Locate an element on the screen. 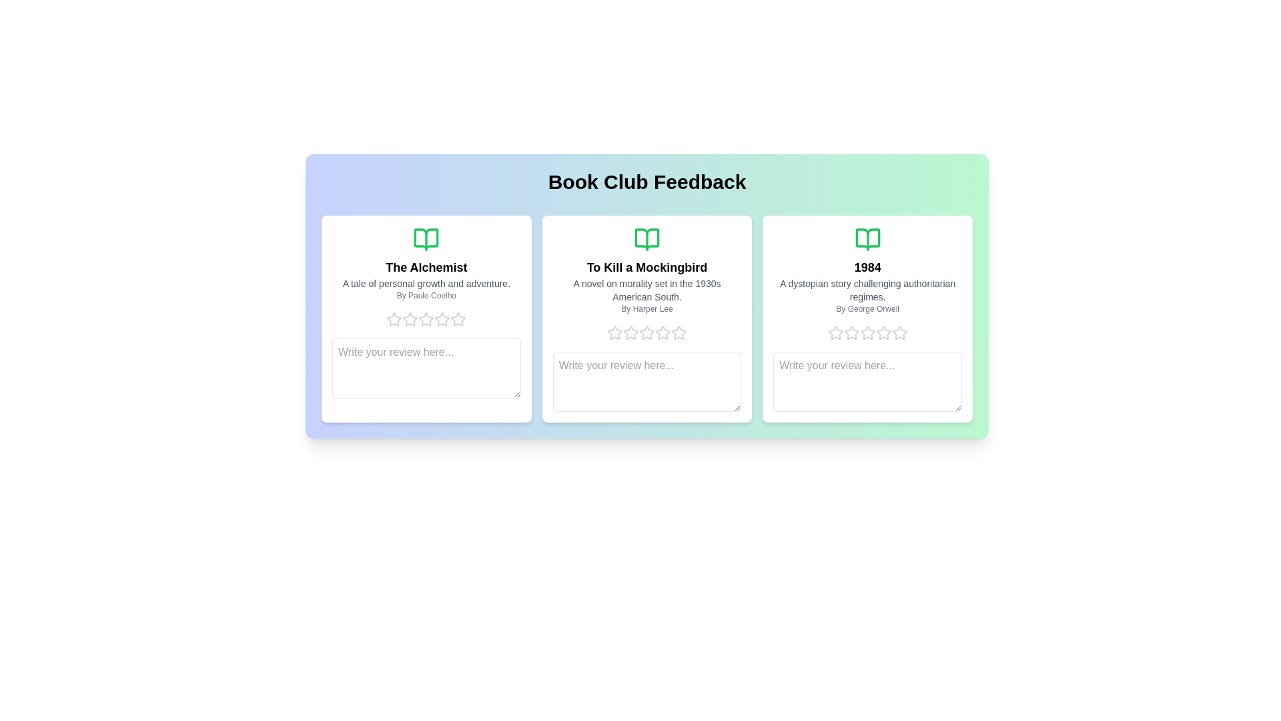  the text label displaying 'By George Orwell', which is located below the title '1984' and centered within the card is located at coordinates (867, 308).